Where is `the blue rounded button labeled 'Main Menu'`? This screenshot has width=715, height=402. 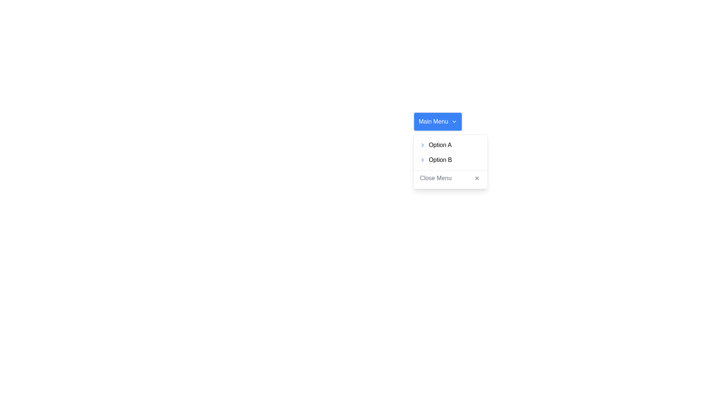
the blue rounded button labeled 'Main Menu' is located at coordinates (438, 121).